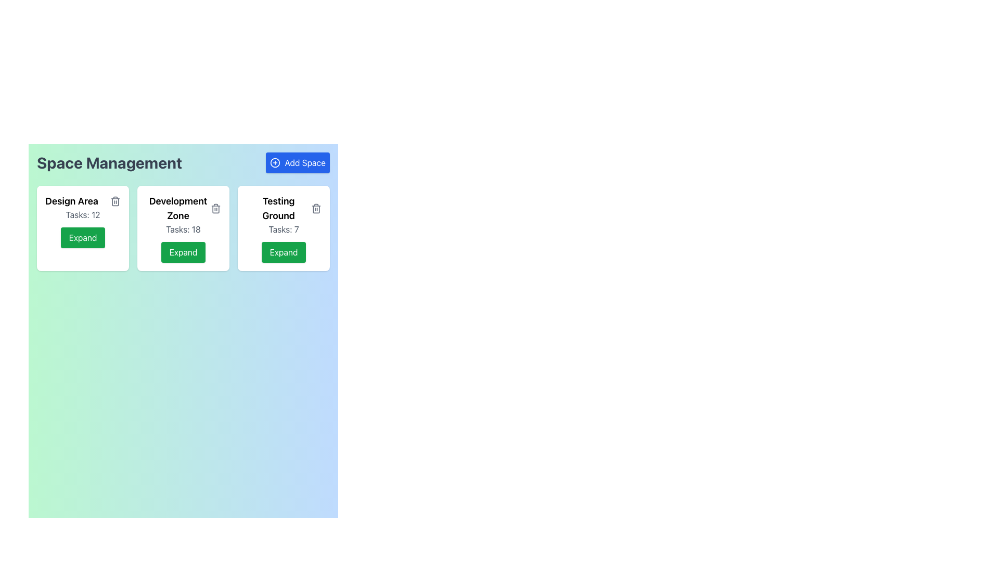  Describe the element at coordinates (115, 202) in the screenshot. I see `the trash icon located in the top-right corner of the 'Design Area' card` at that location.